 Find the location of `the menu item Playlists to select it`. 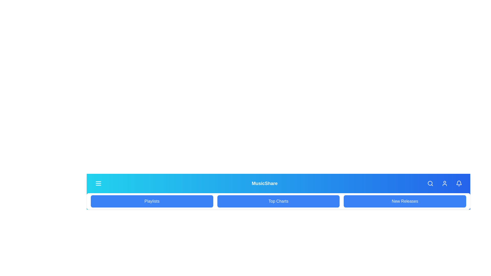

the menu item Playlists to select it is located at coordinates (152, 201).